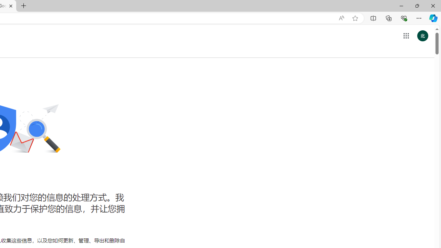 The width and height of the screenshot is (441, 248). What do you see at coordinates (406, 36) in the screenshot?
I see `'Class: gb_E'` at bounding box center [406, 36].